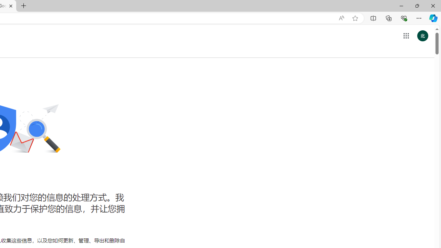 The width and height of the screenshot is (441, 248). What do you see at coordinates (406, 36) in the screenshot?
I see `'Class: gb_E'` at bounding box center [406, 36].